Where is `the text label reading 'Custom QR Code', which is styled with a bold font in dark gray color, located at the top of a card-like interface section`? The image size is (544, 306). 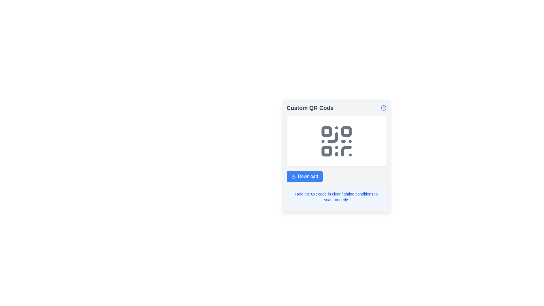
the text label reading 'Custom QR Code', which is styled with a bold font in dark gray color, located at the top of a card-like interface section is located at coordinates (310, 108).